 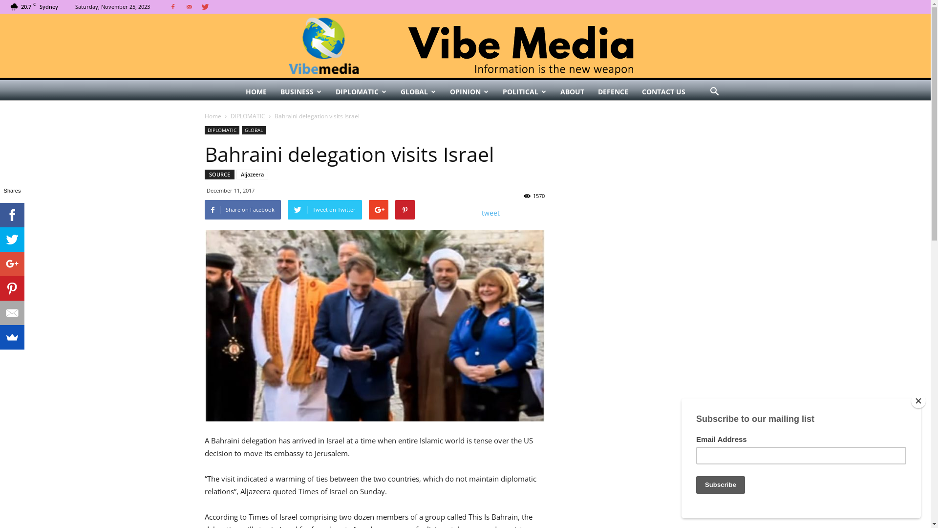 I want to click on 'ABOUT', so click(x=572, y=92).